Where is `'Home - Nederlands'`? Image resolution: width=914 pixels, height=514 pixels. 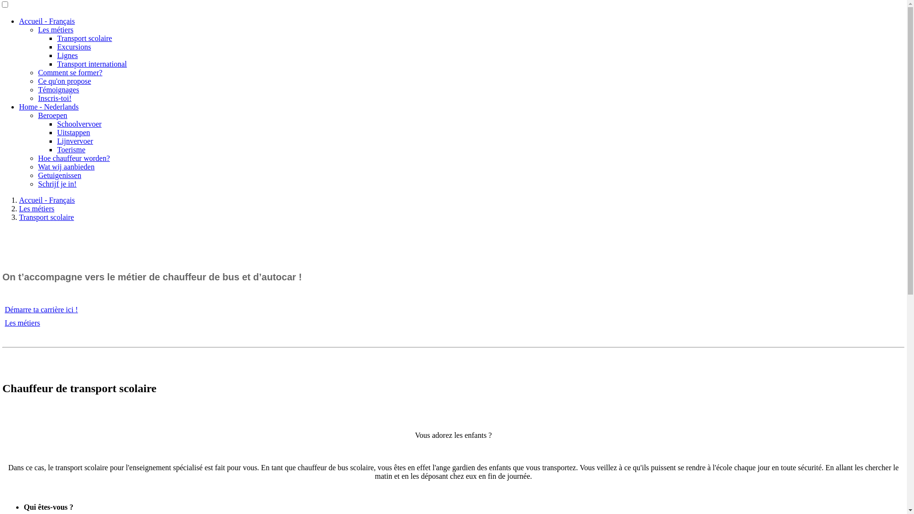
'Home - Nederlands' is located at coordinates (48, 107).